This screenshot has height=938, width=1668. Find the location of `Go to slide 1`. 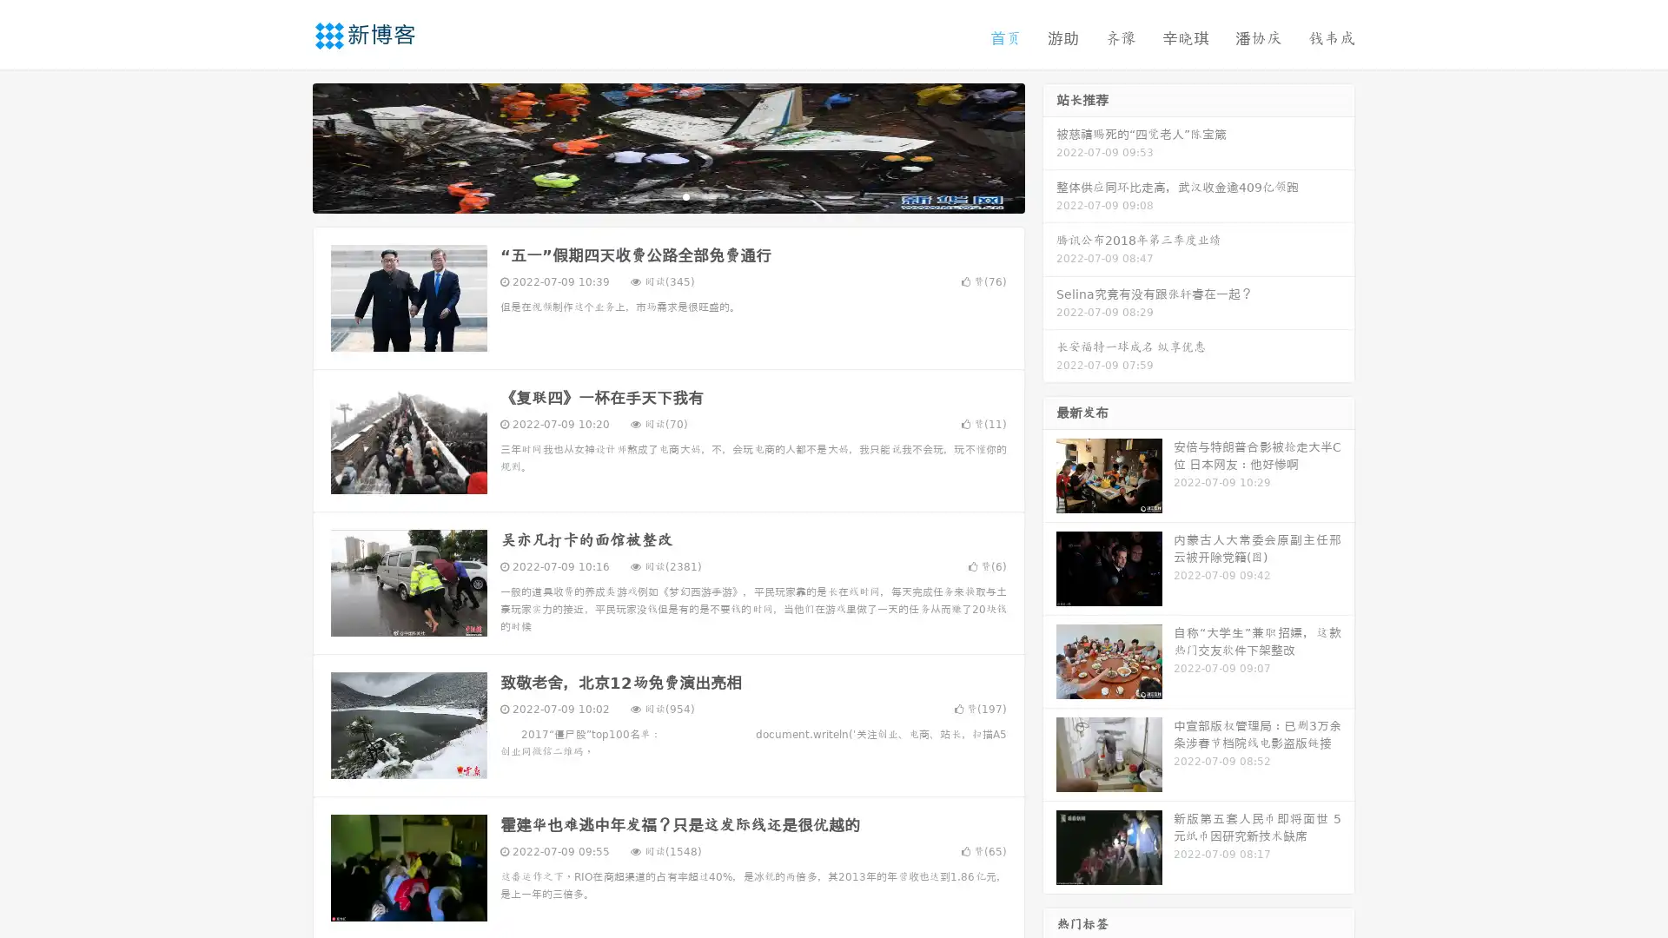

Go to slide 1 is located at coordinates (650, 195).